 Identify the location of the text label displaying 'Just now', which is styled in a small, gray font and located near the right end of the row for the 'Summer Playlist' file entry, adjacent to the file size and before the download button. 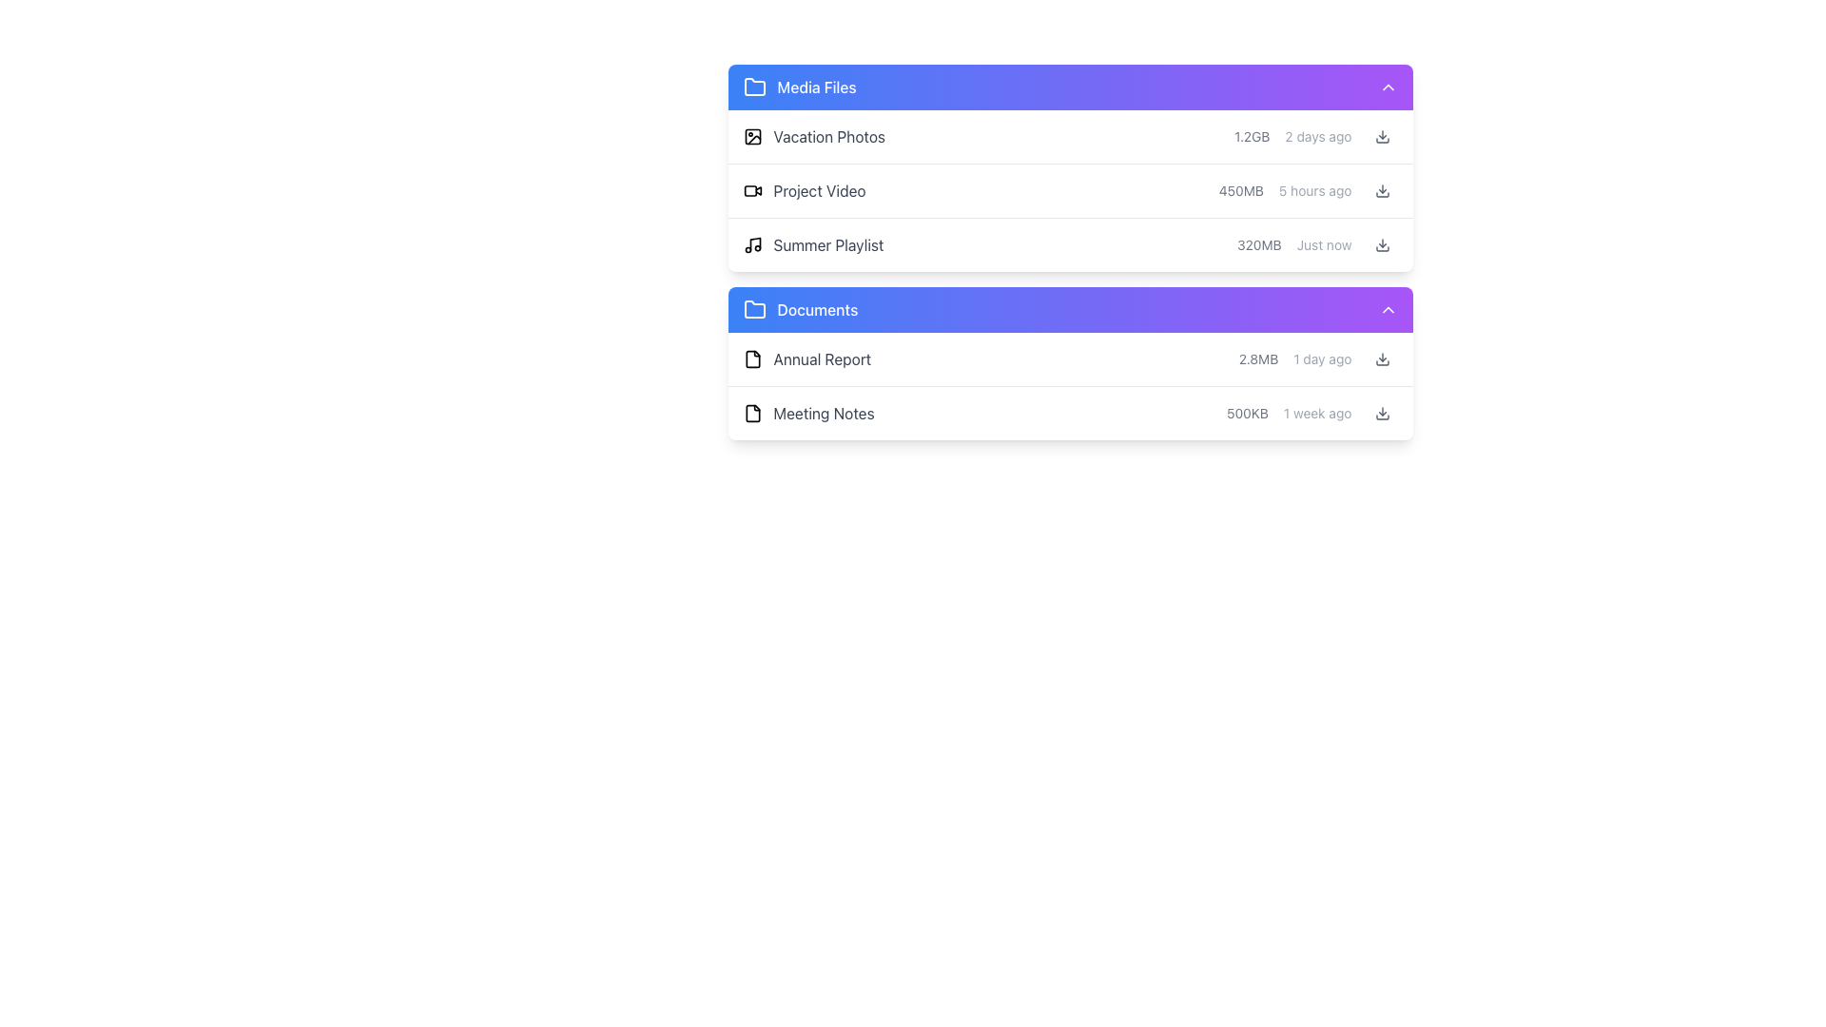
(1323, 244).